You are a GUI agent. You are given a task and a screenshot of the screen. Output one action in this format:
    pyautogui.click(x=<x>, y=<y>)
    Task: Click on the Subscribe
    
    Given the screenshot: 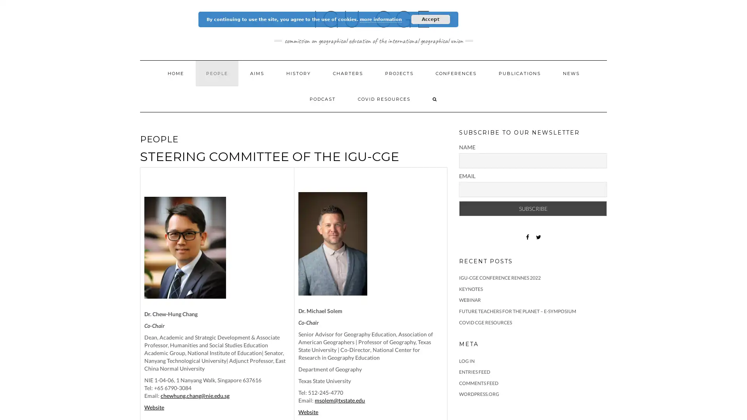 What is the action you would take?
    pyautogui.click(x=532, y=208)
    